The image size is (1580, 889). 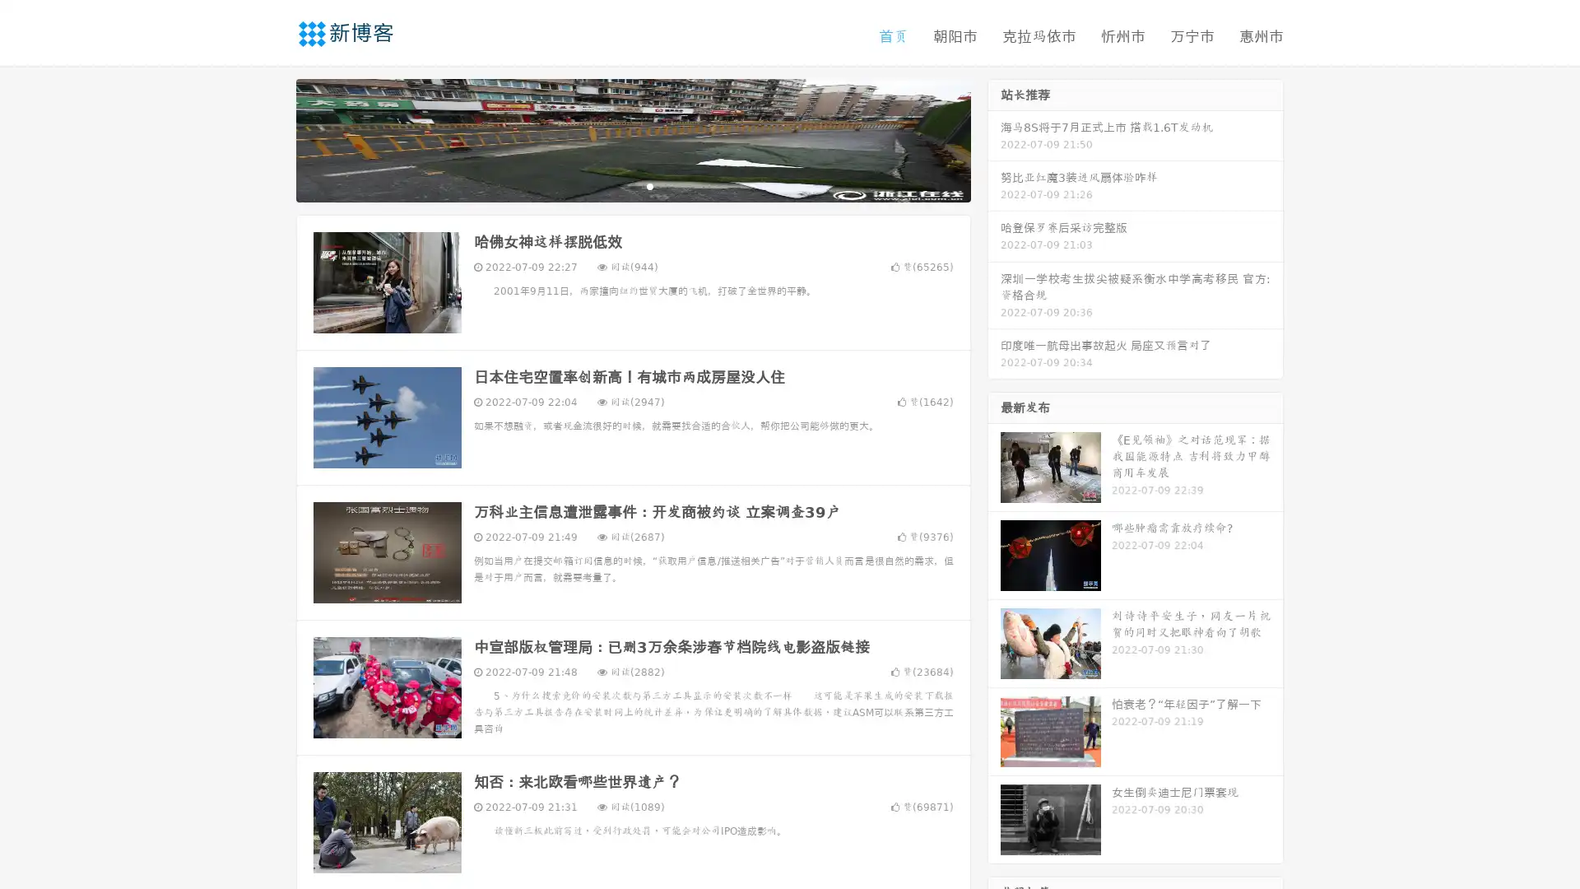 I want to click on Previous slide, so click(x=272, y=138).